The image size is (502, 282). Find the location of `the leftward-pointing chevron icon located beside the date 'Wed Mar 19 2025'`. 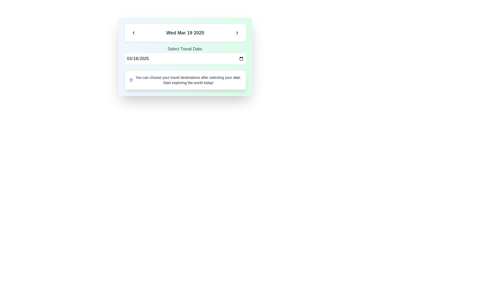

the leftward-pointing chevron icon located beside the date 'Wed Mar 19 2025' is located at coordinates (133, 33).